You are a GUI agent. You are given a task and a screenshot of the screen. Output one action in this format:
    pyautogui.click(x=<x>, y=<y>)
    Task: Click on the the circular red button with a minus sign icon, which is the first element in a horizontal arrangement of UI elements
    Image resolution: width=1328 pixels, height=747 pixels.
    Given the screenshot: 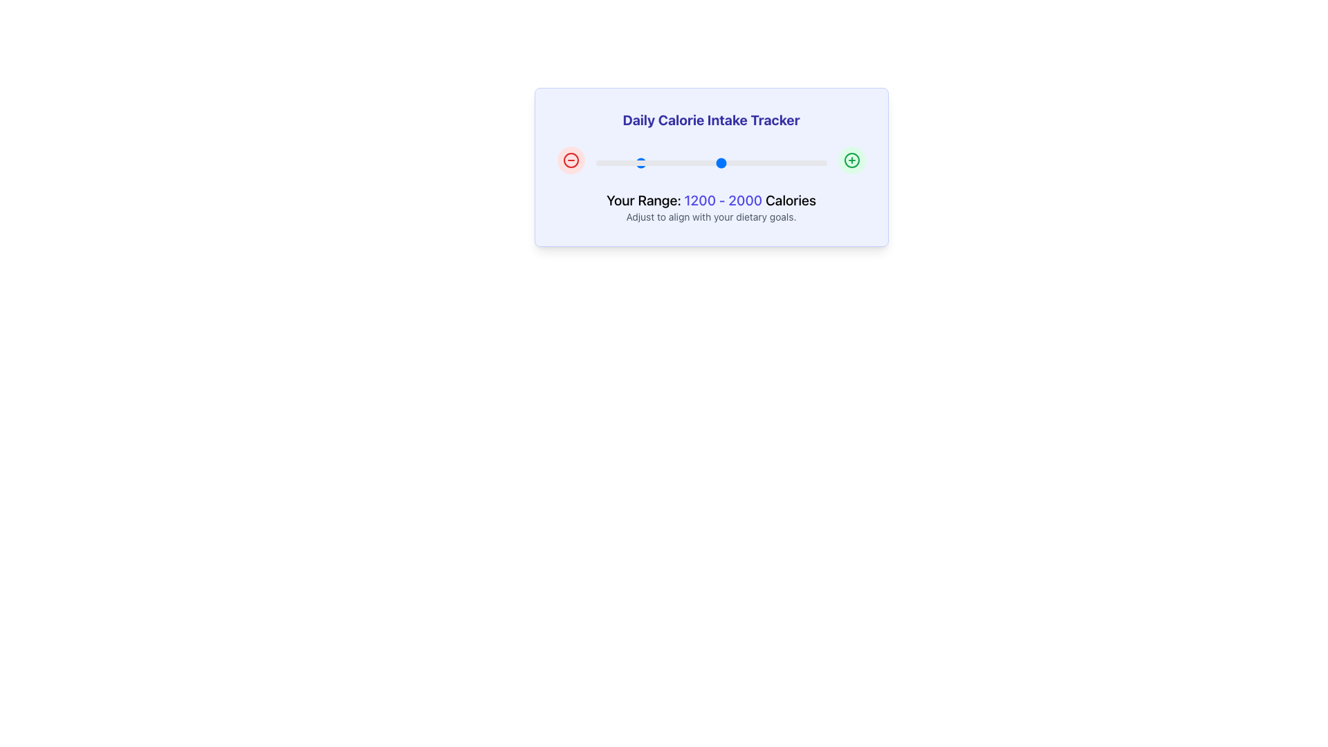 What is the action you would take?
    pyautogui.click(x=571, y=159)
    